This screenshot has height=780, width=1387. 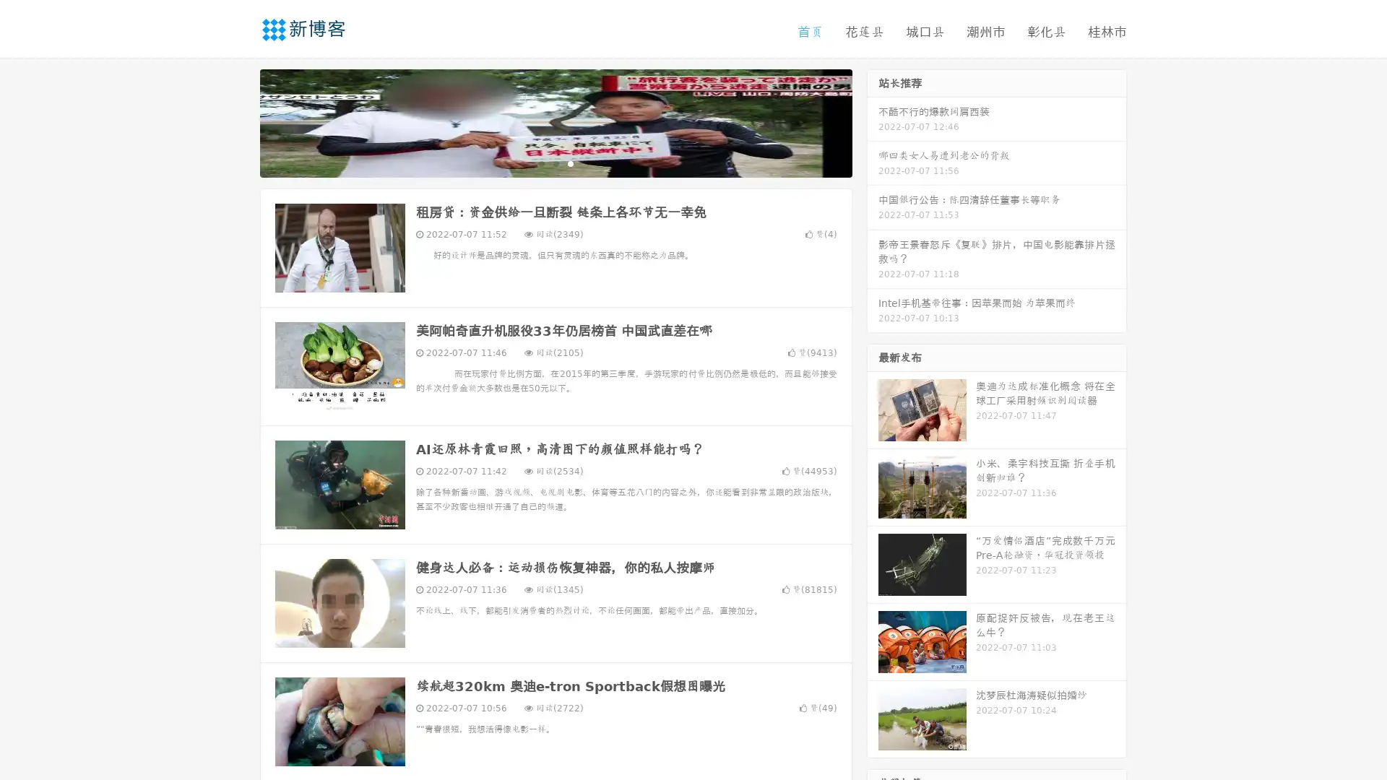 I want to click on Previous slide, so click(x=238, y=121).